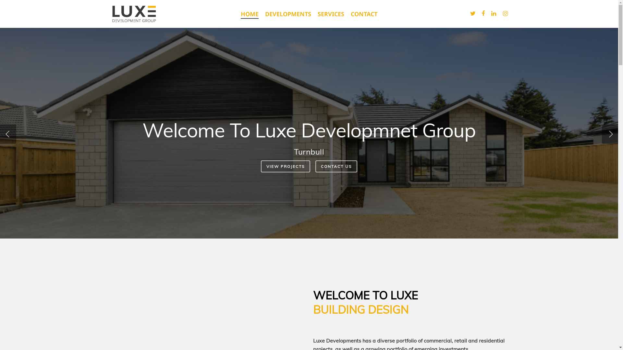 The width and height of the screenshot is (623, 350). What do you see at coordinates (364, 14) in the screenshot?
I see `'CONTACT'` at bounding box center [364, 14].